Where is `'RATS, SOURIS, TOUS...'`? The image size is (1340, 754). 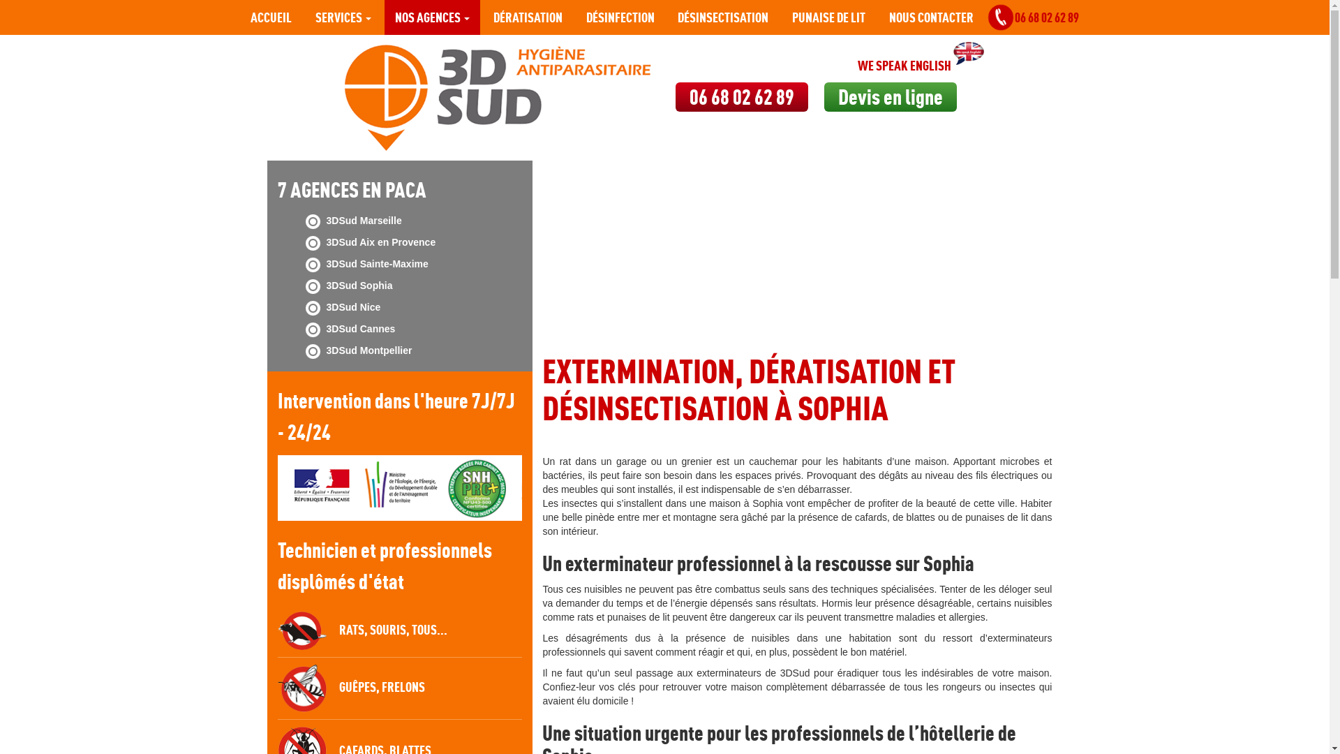 'RATS, SOURIS, TOUS...' is located at coordinates (362, 629).